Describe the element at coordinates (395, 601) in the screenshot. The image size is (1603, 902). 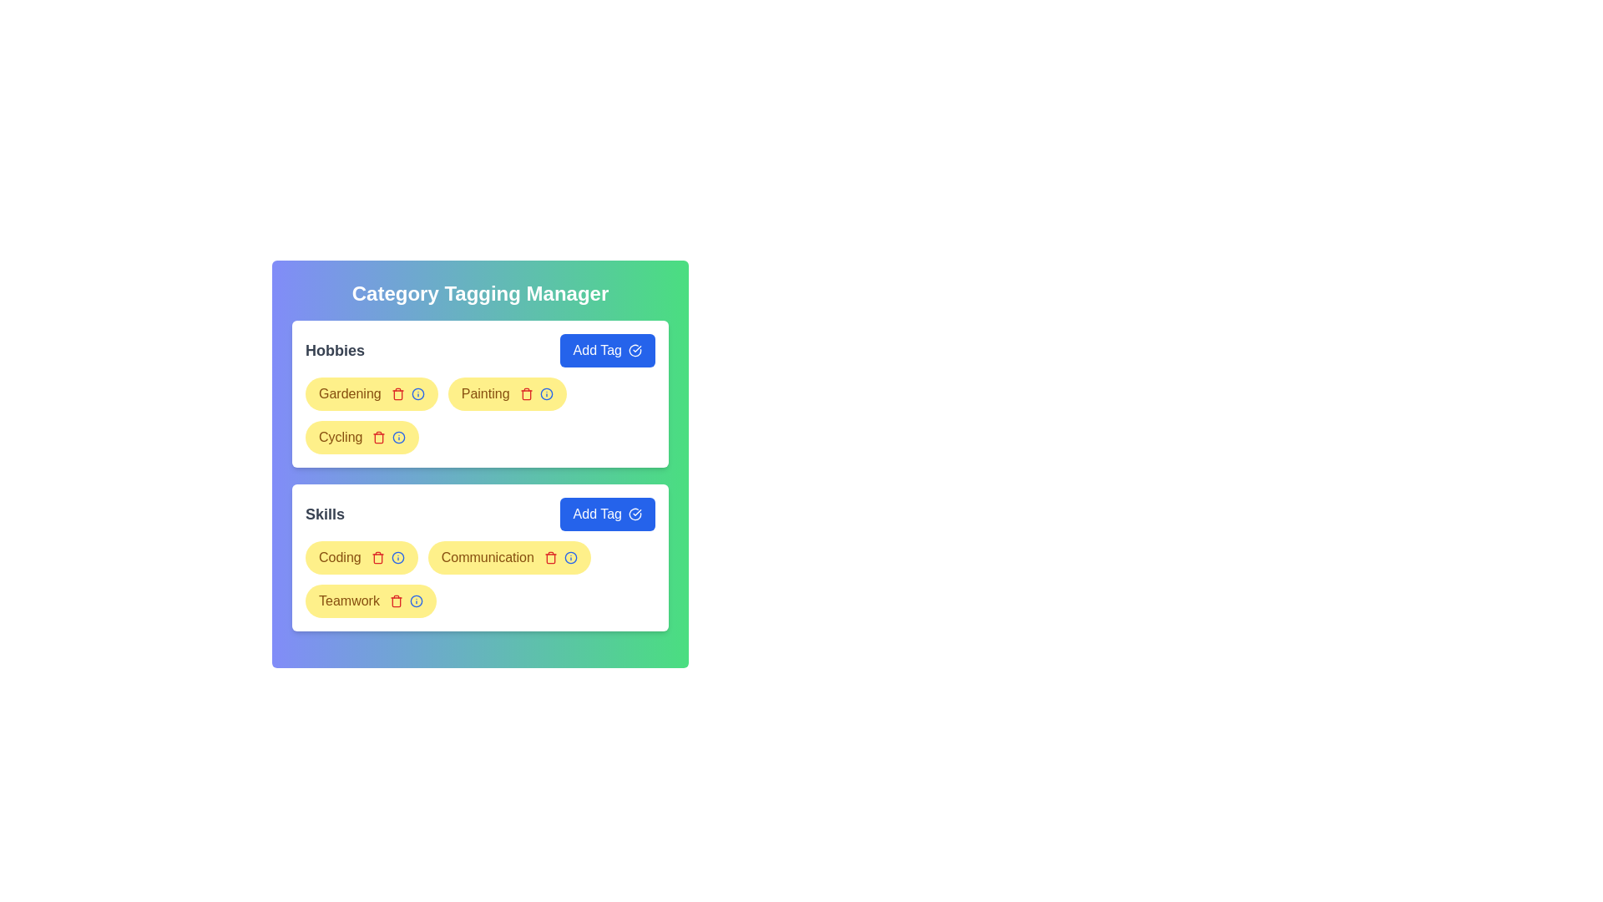
I see `the delete button located inside the yellow badge labeled 'Teamwork', positioned at the right end of the badge adjacent to the blue information icon` at that location.